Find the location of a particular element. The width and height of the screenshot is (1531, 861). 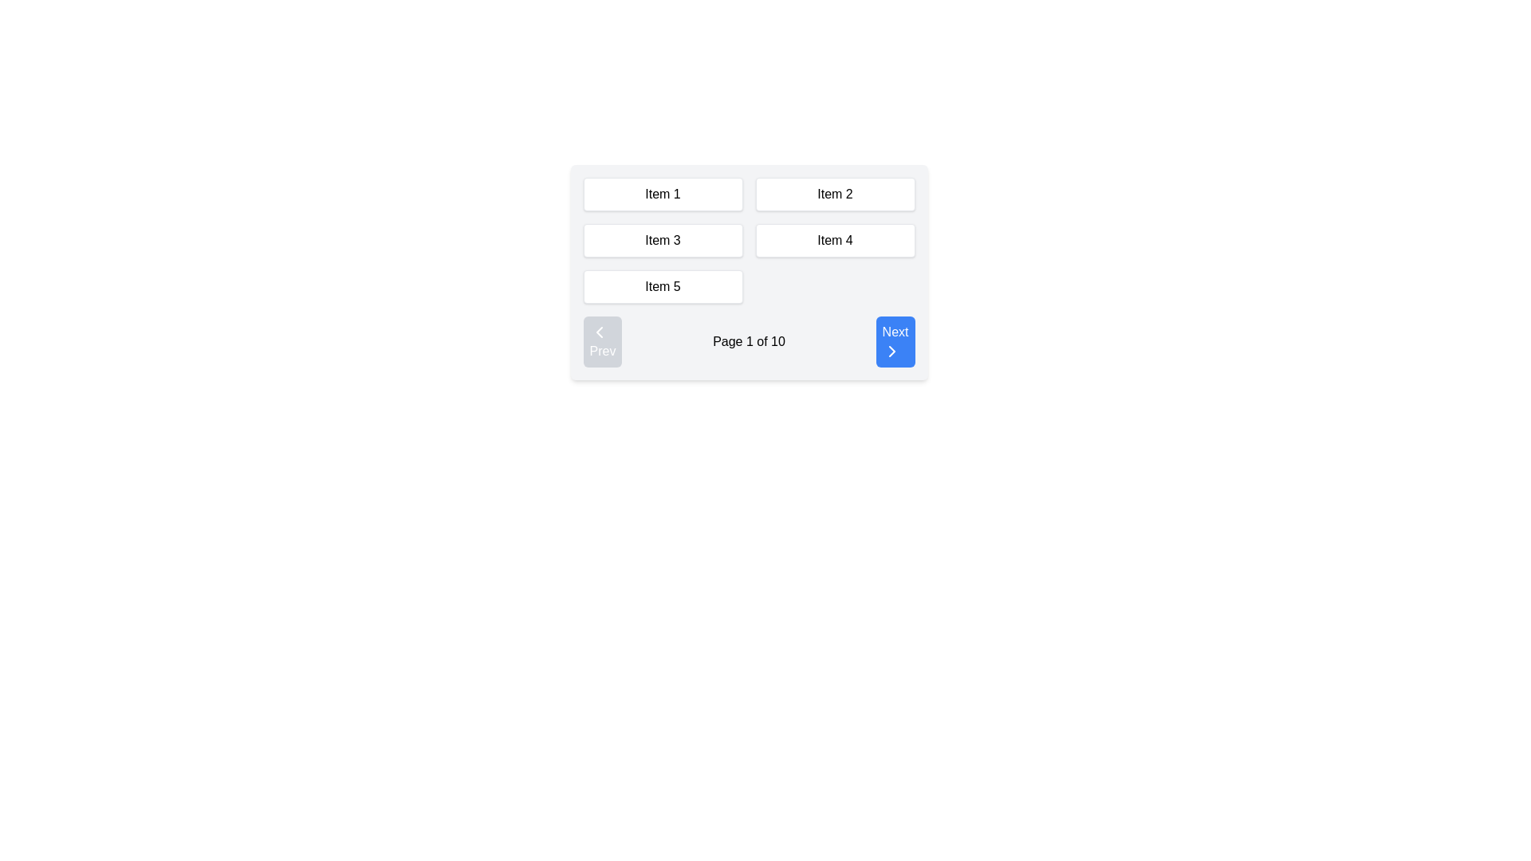

the 'Item 3' button located in the second row and first column of the grid layout is located at coordinates (663, 240).